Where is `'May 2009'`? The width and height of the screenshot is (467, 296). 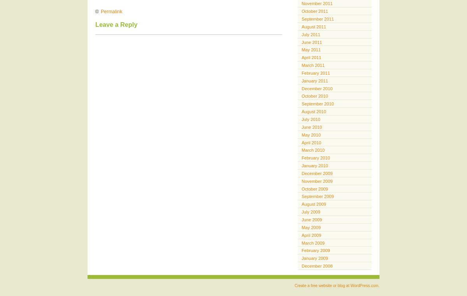 'May 2009' is located at coordinates (311, 227).